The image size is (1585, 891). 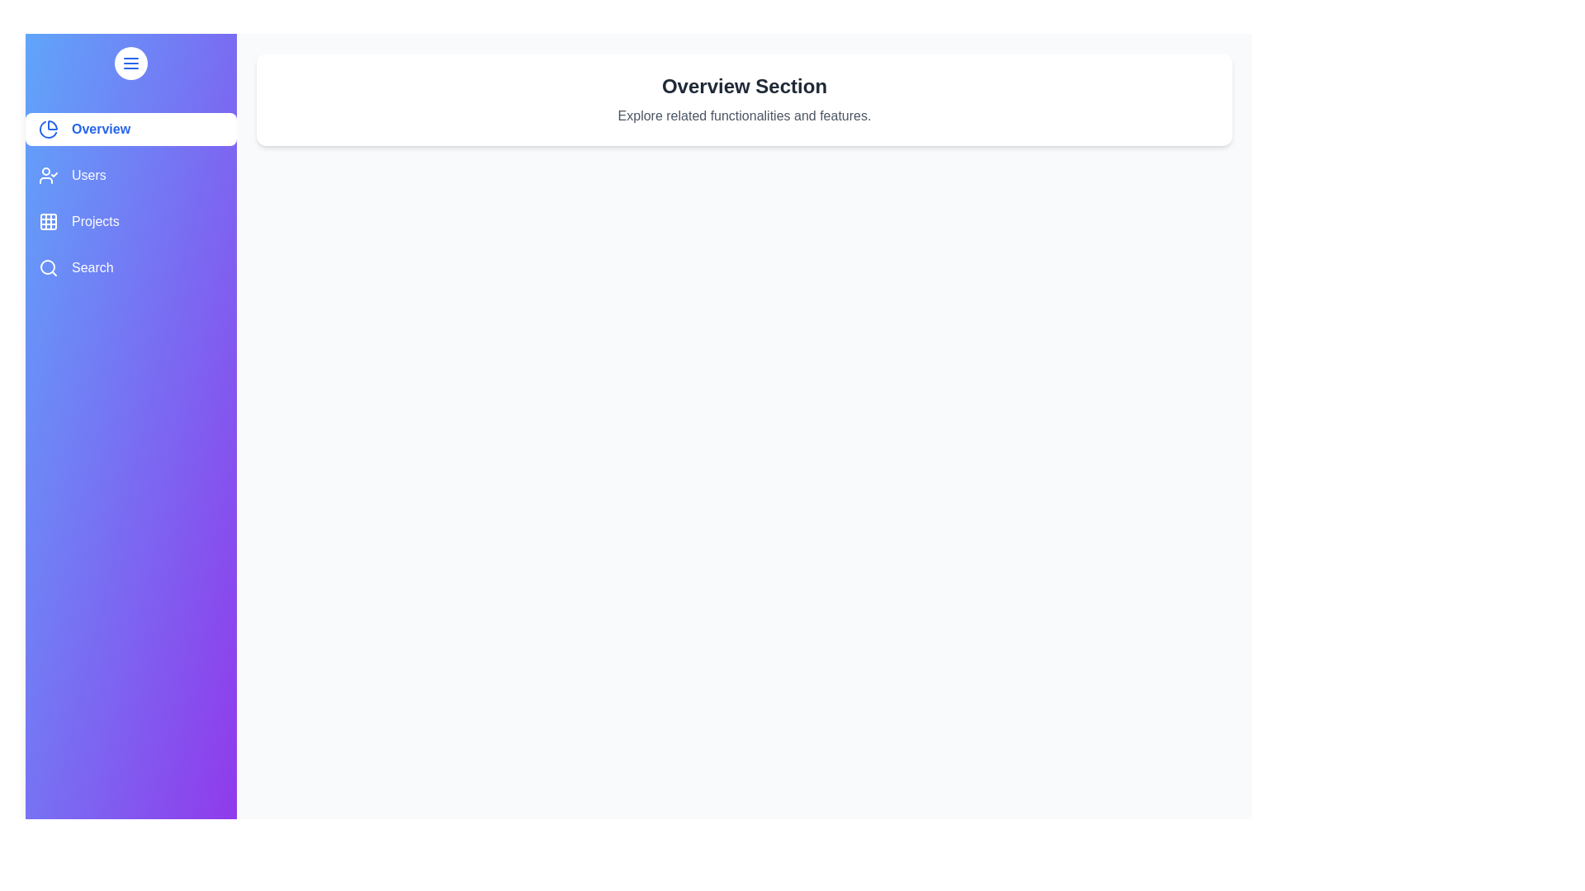 What do you see at coordinates (744, 86) in the screenshot?
I see `the header text in the main content area` at bounding box center [744, 86].